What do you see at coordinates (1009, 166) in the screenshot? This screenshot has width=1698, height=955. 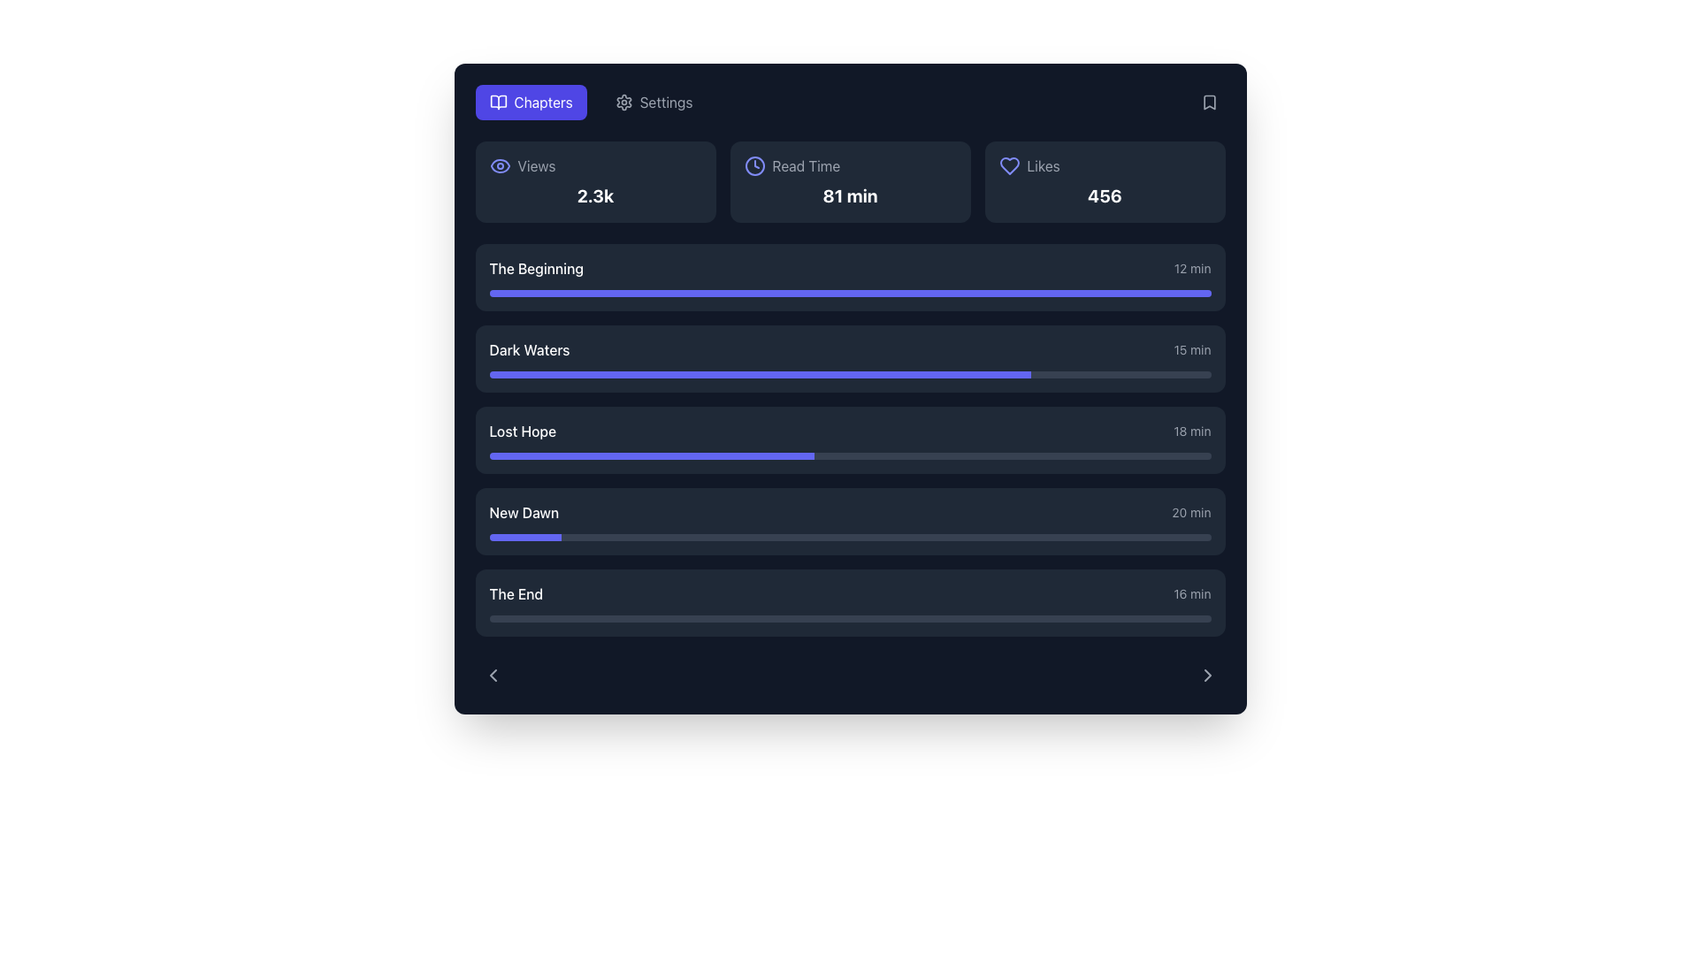 I see `the 'Likes' icon located at the top-right corner of the interface, positioned to the left of the 'Likes' text and above the associated numeric value` at bounding box center [1009, 166].